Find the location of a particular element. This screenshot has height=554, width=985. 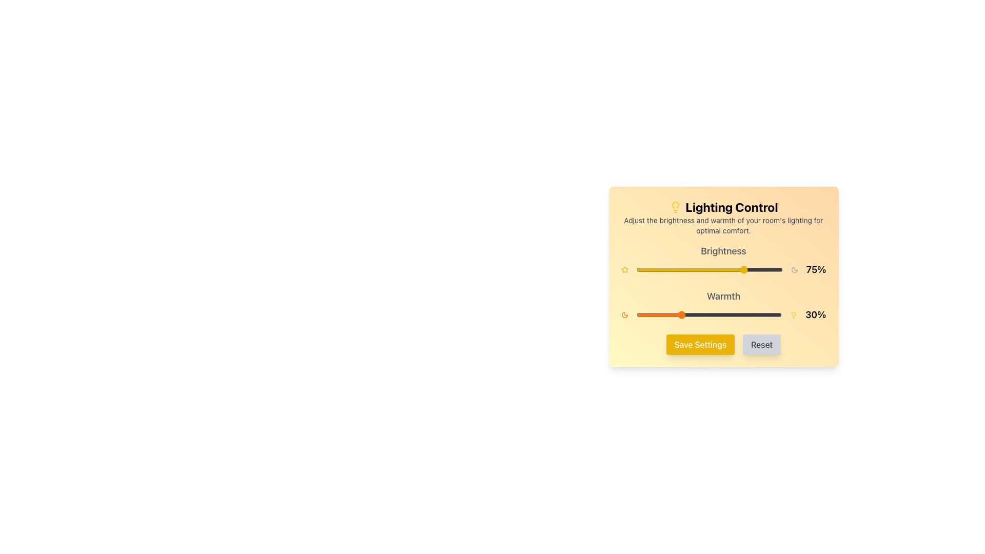

warmth is located at coordinates (780, 314).